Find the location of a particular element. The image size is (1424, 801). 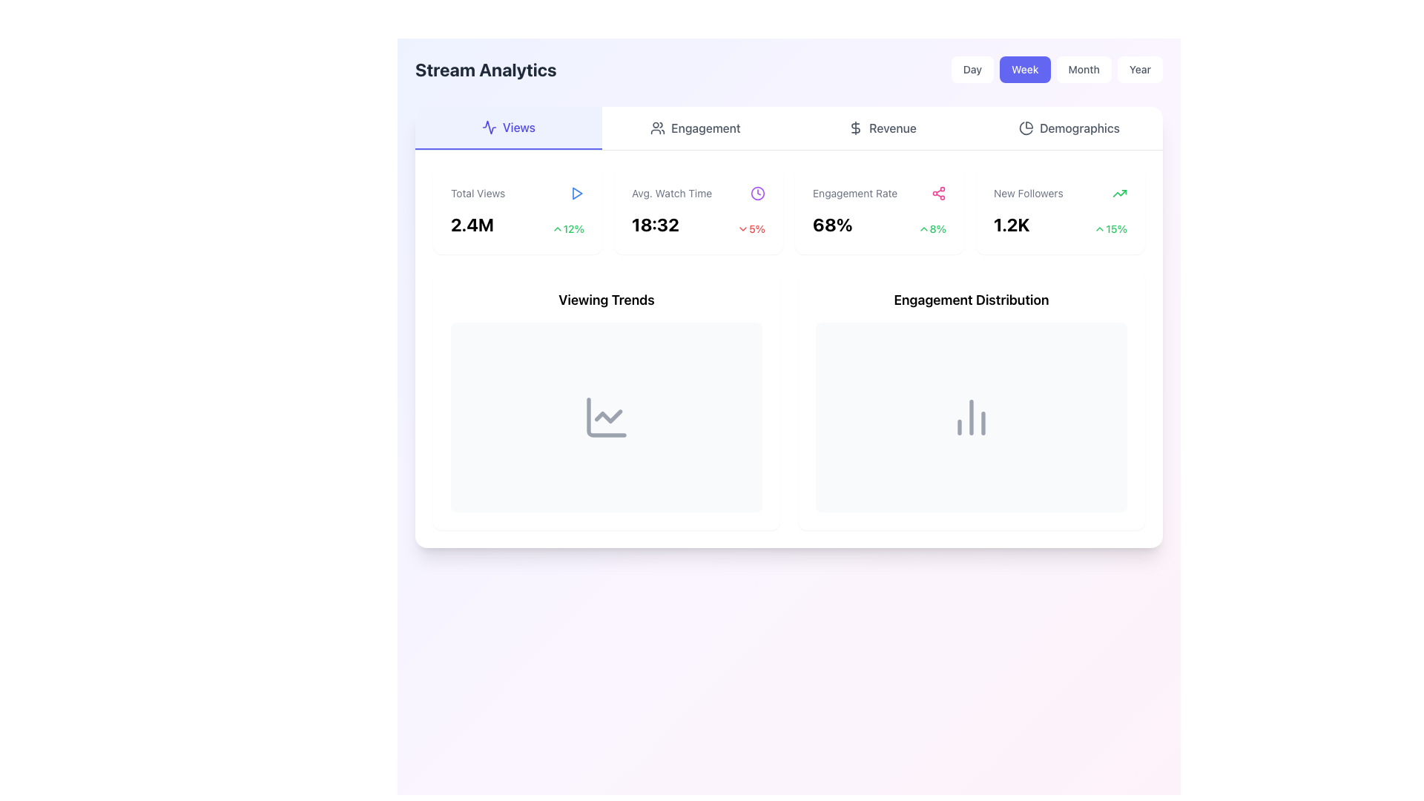

the 'Engagement' button in the navigation menu is located at coordinates (694, 128).